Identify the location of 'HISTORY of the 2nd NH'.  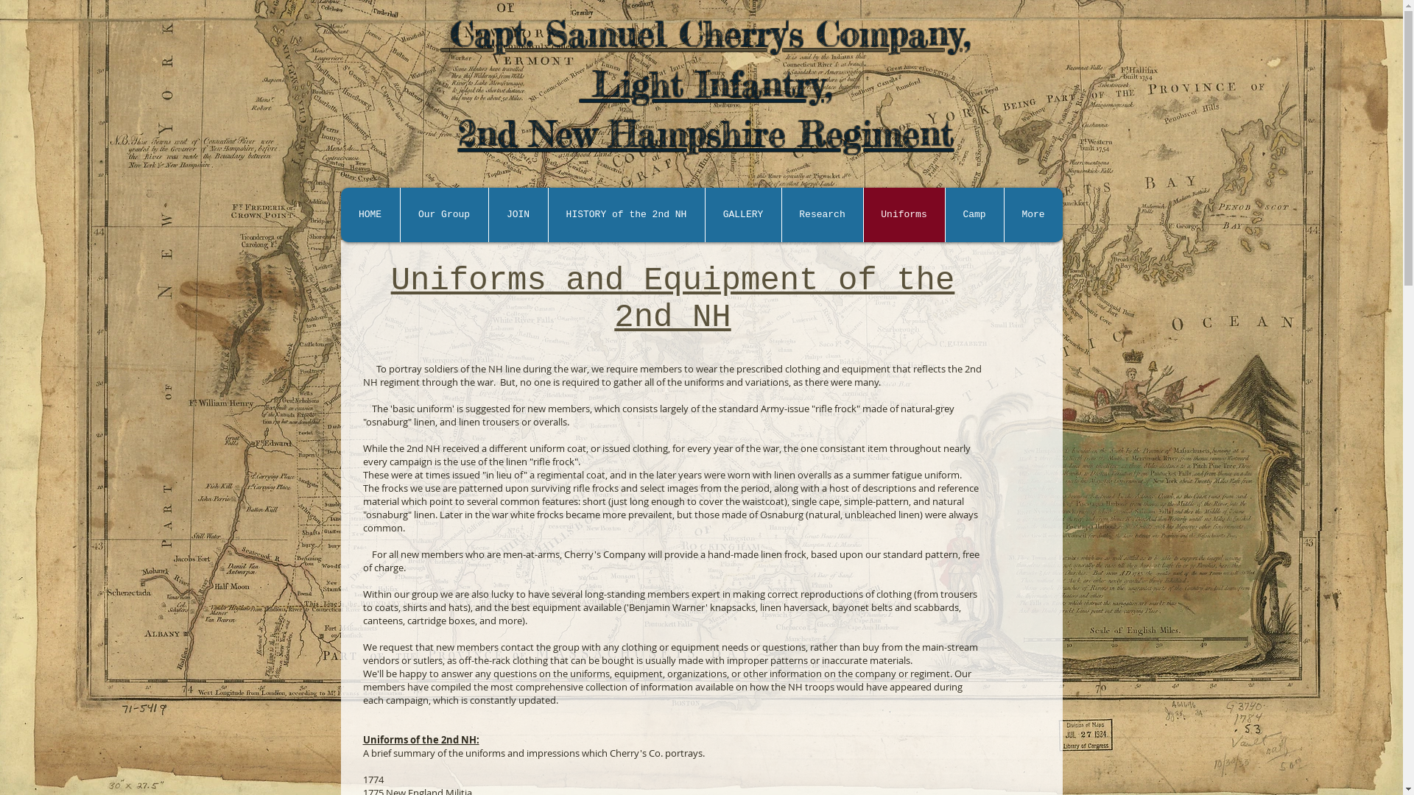
(626, 215).